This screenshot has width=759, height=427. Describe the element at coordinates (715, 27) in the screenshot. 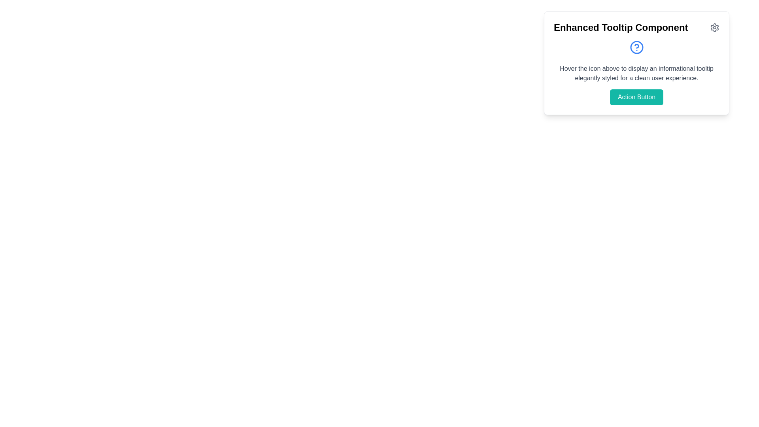

I see `the settings icon located at the top-right corner of the 'Enhanced Tooltip Component' card to interact with it` at that location.